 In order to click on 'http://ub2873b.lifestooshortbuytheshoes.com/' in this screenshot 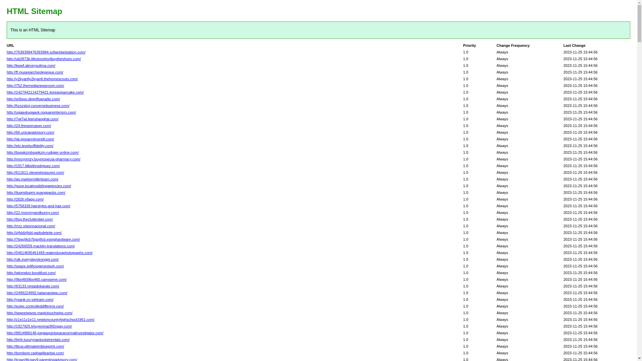, I will do `click(43, 58)`.